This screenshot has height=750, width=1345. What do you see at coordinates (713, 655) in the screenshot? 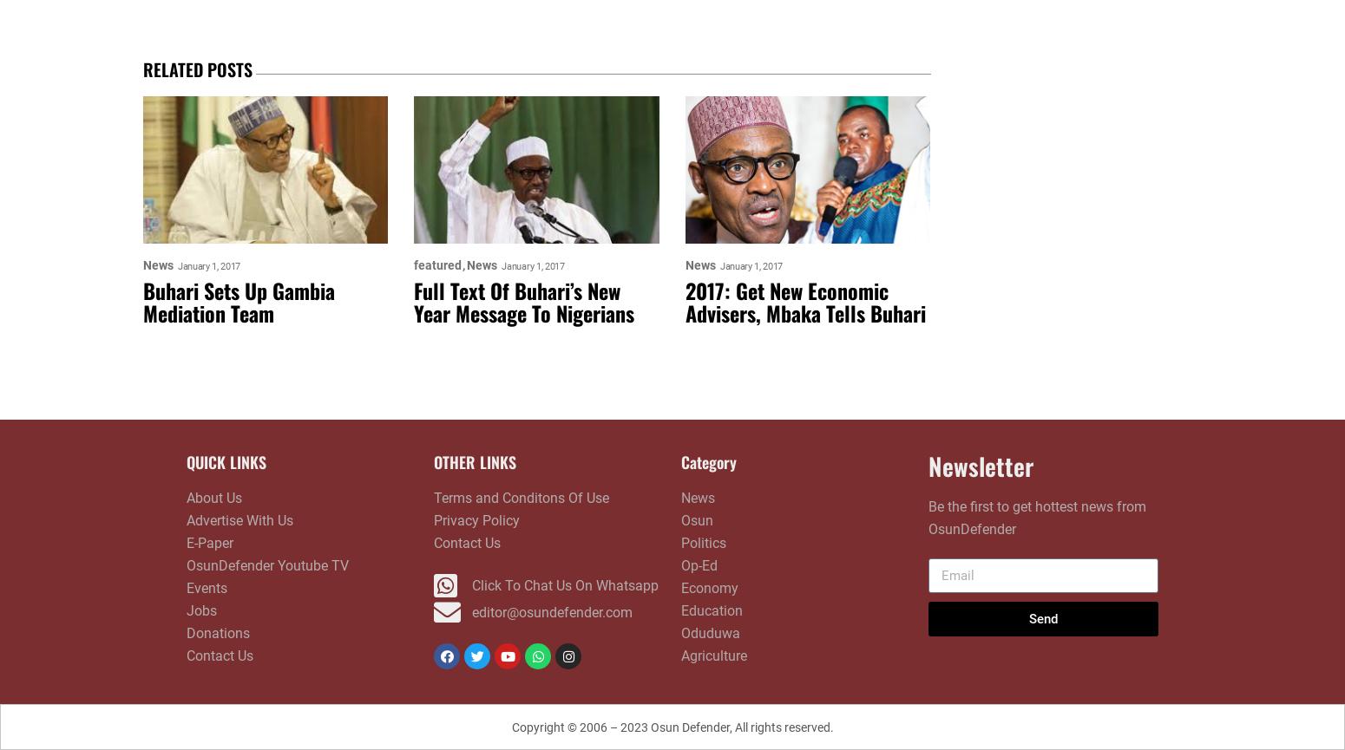
I see `'Agriculture'` at bounding box center [713, 655].